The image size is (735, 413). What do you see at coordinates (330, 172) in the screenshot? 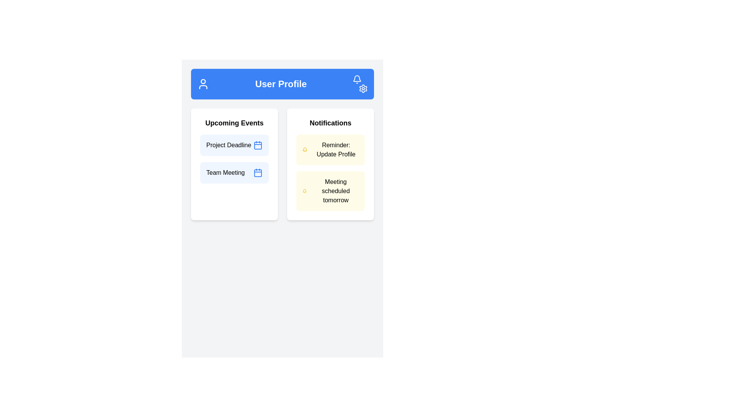
I see `the notification card that informs the user about an upcoming meeting scheduled for tomorrow, located below the 'Reminder: Update Profile' notification in the 'Notifications' panel` at bounding box center [330, 172].